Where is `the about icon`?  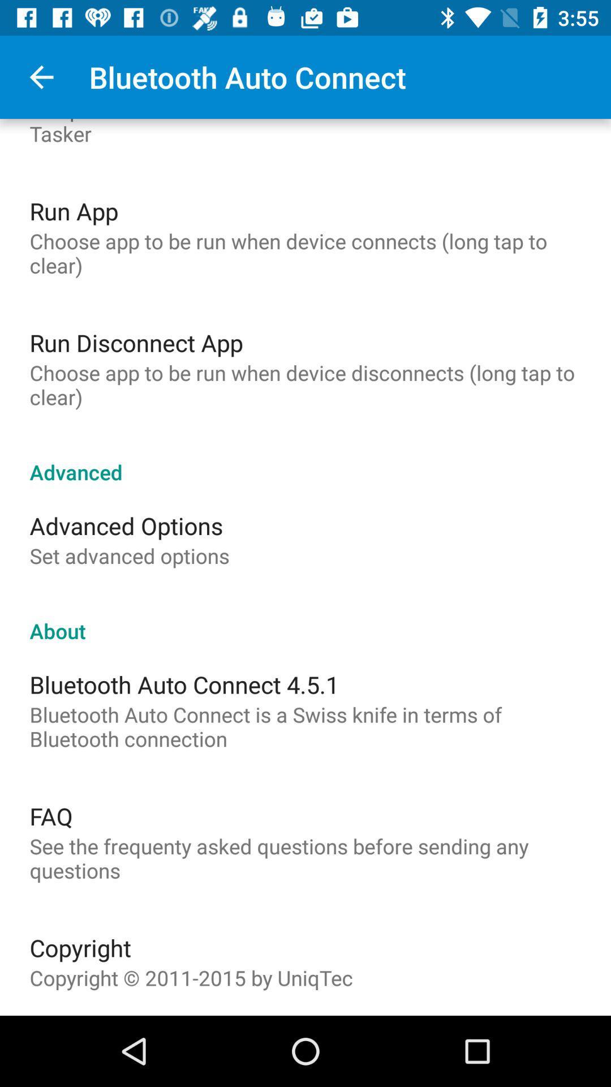
the about icon is located at coordinates (305, 618).